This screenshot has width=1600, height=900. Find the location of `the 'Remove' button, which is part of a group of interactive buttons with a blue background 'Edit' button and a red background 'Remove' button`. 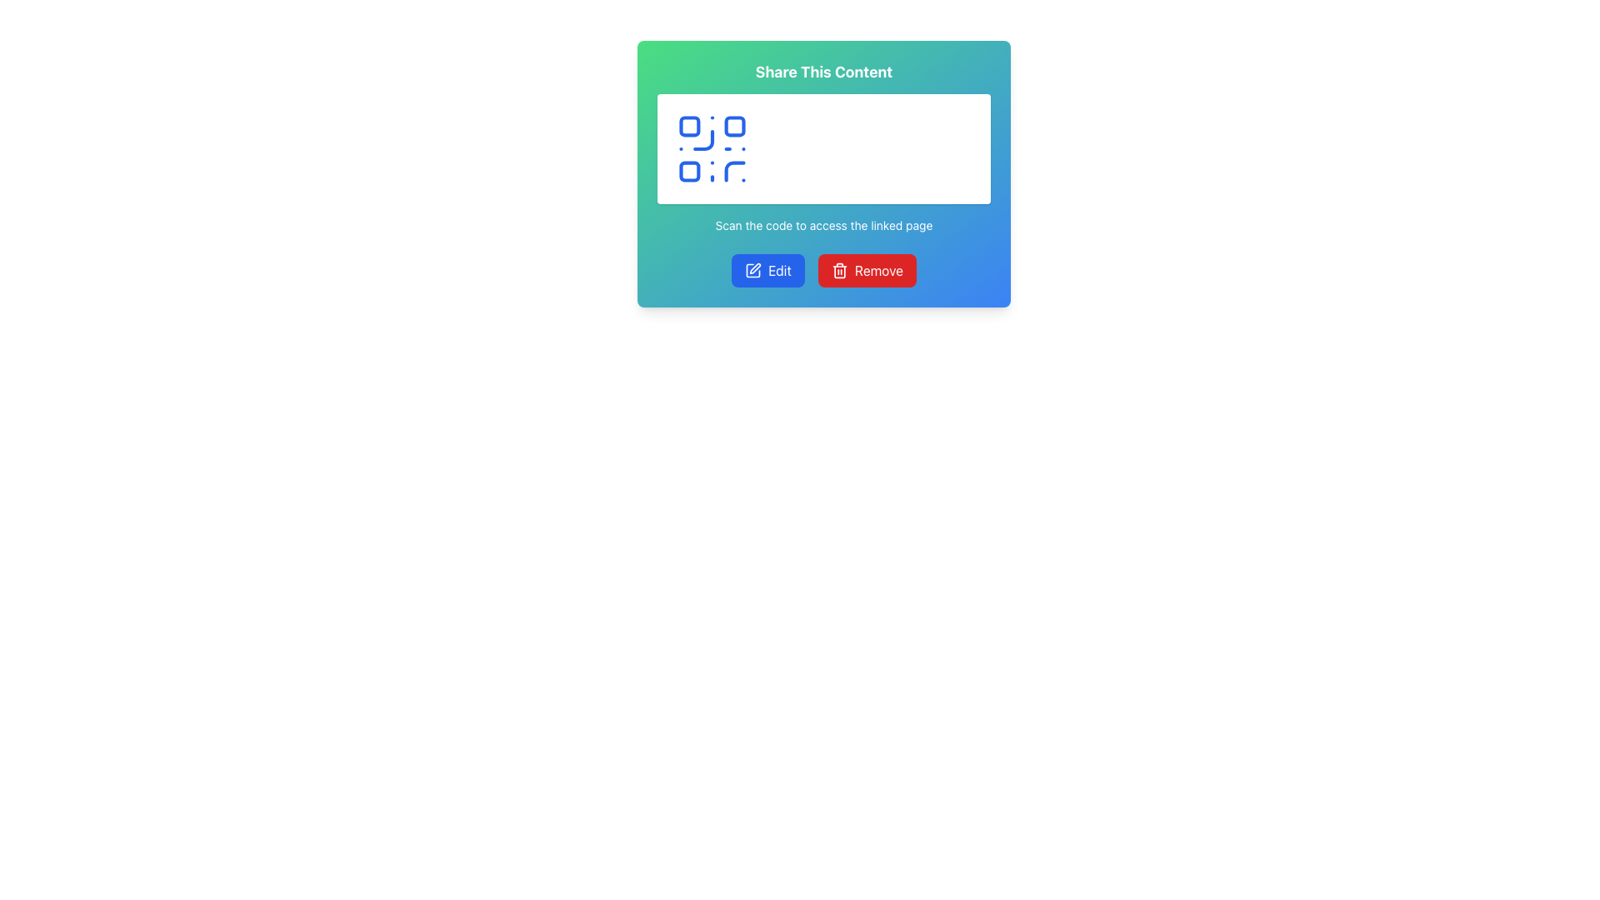

the 'Remove' button, which is part of a group of interactive buttons with a blue background 'Edit' button and a red background 'Remove' button is located at coordinates (823, 269).